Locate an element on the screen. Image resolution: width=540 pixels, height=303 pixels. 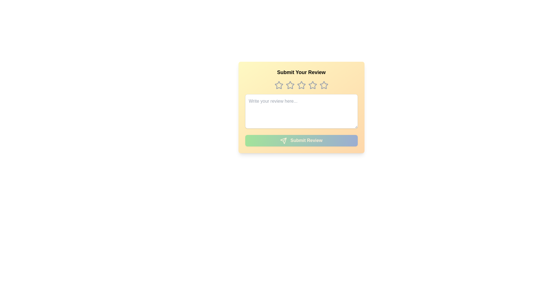
the 'Submit Your Review' text label, which is a bold black header located at the top of the review submission module is located at coordinates (301, 72).